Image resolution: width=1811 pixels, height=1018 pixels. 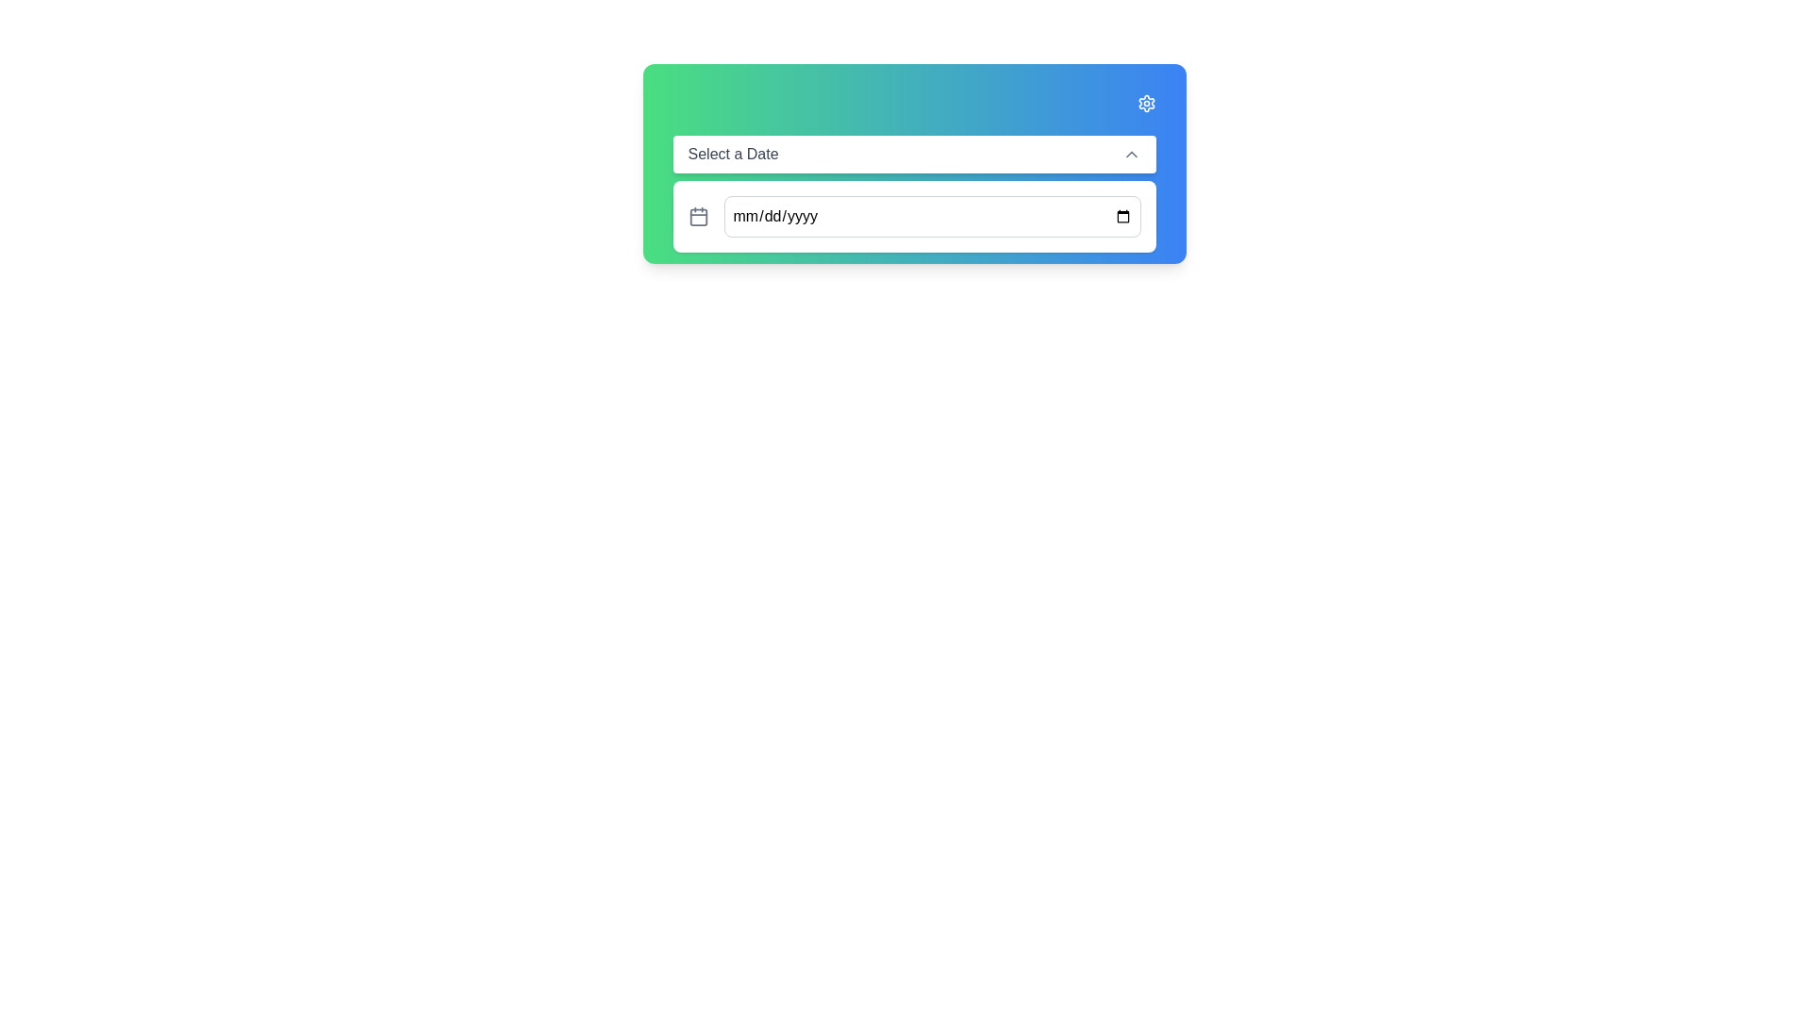 What do you see at coordinates (697, 216) in the screenshot?
I see `the calendar icon, which is a square-shaped graphic with rounded corners located next to the date input field labeled 'mm/dd/yyyy'` at bounding box center [697, 216].